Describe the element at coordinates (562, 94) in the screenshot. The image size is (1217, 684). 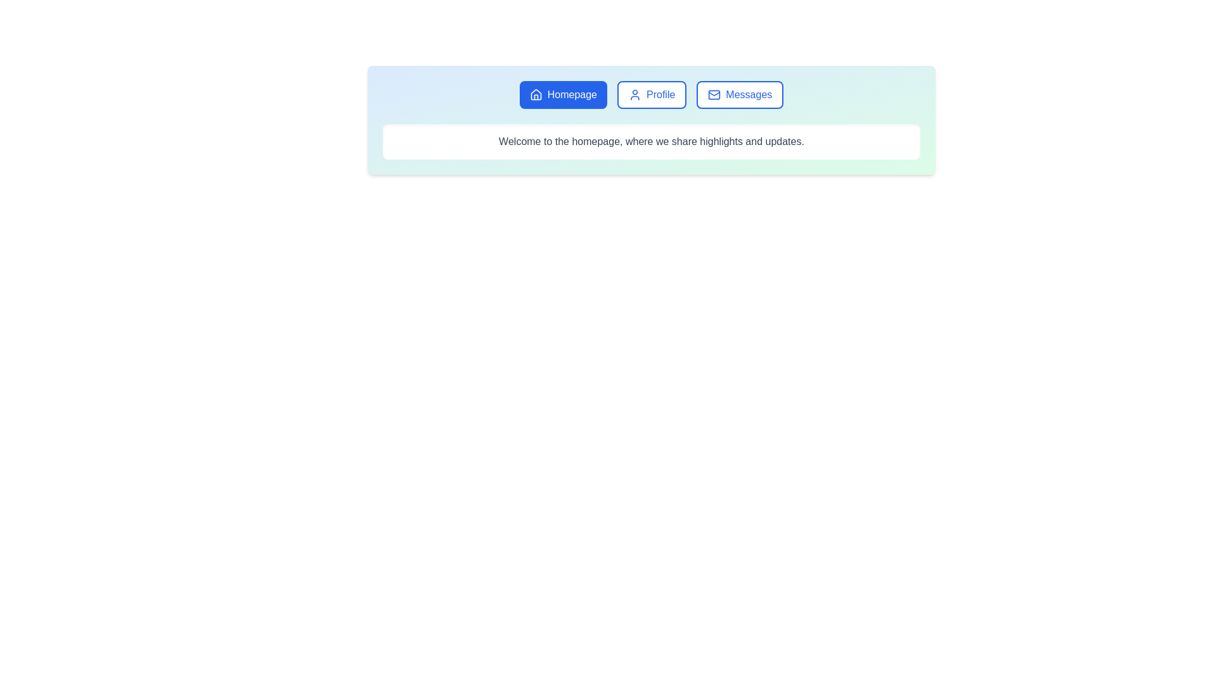
I see `the tab labeled 'Homepage' to switch to it` at that location.